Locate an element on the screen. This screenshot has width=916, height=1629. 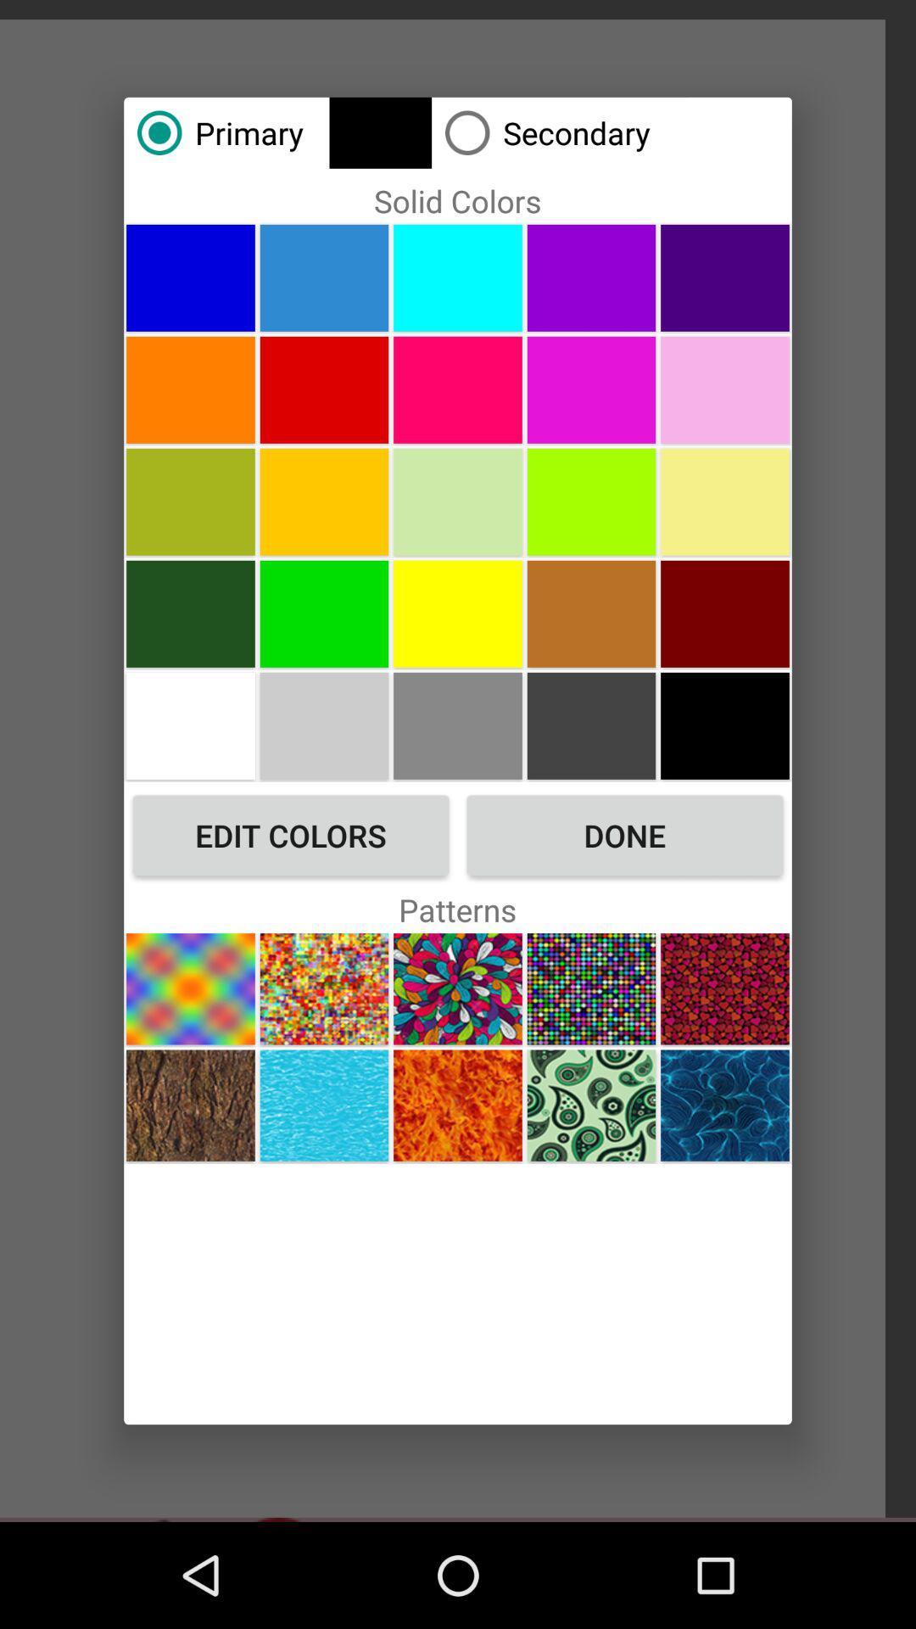
swirly pattern is located at coordinates (590, 1106).